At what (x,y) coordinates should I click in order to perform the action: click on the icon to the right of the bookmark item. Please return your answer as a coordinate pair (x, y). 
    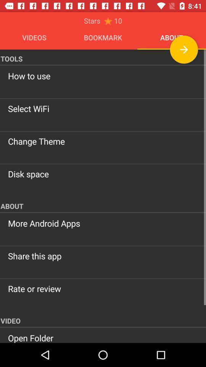
    Looking at the image, I should click on (183, 49).